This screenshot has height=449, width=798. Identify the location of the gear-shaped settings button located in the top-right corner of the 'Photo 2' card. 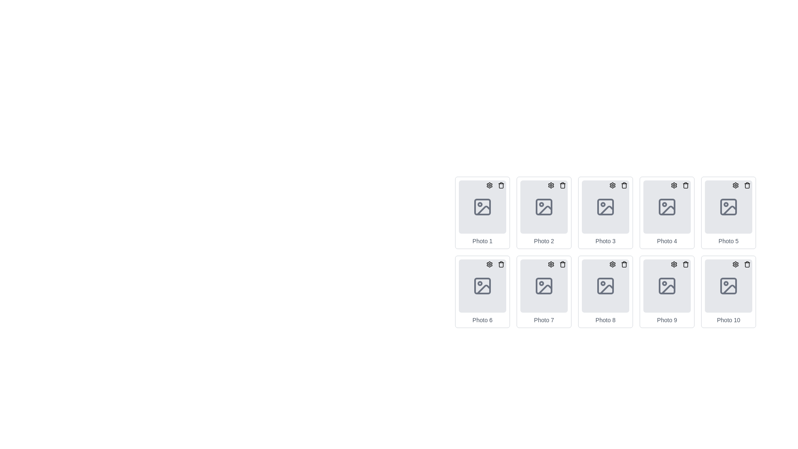
(551, 185).